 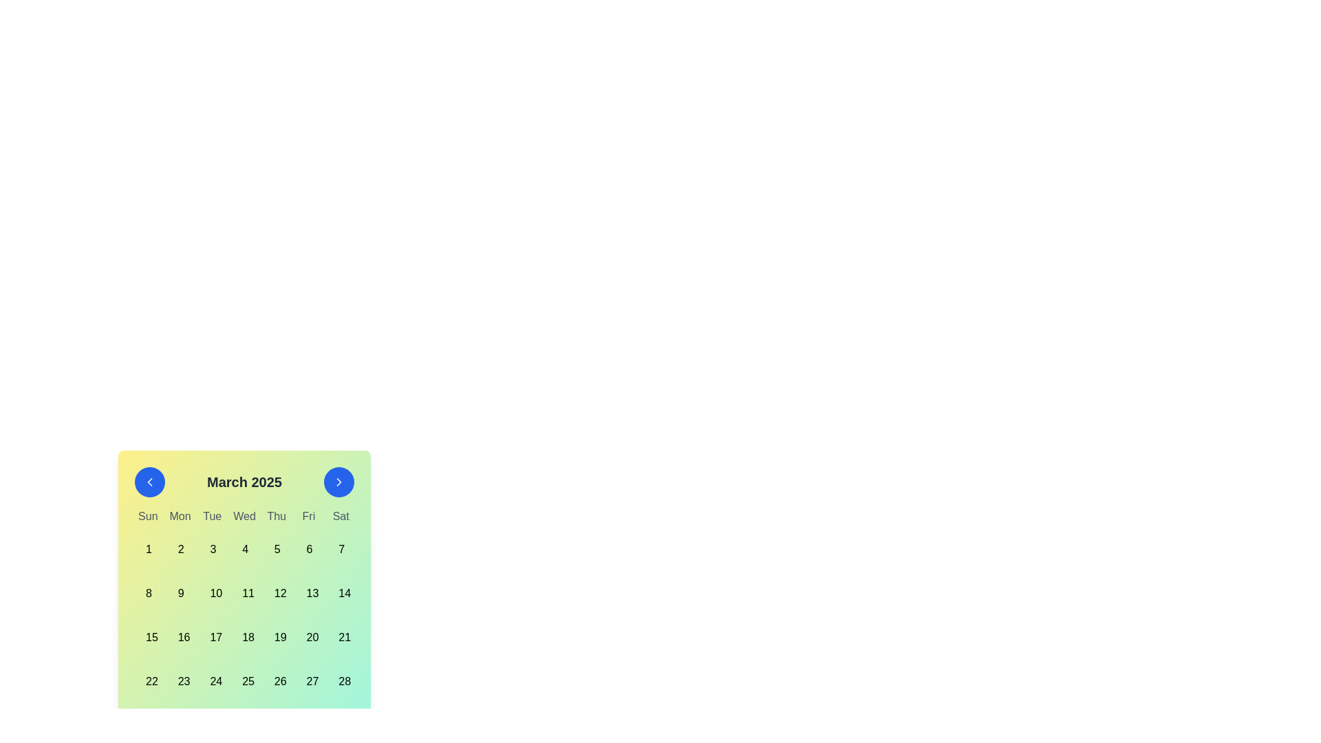 What do you see at coordinates (308, 637) in the screenshot?
I see `the Calendar date cell representing the 20th day of the month to confirm selection` at bounding box center [308, 637].